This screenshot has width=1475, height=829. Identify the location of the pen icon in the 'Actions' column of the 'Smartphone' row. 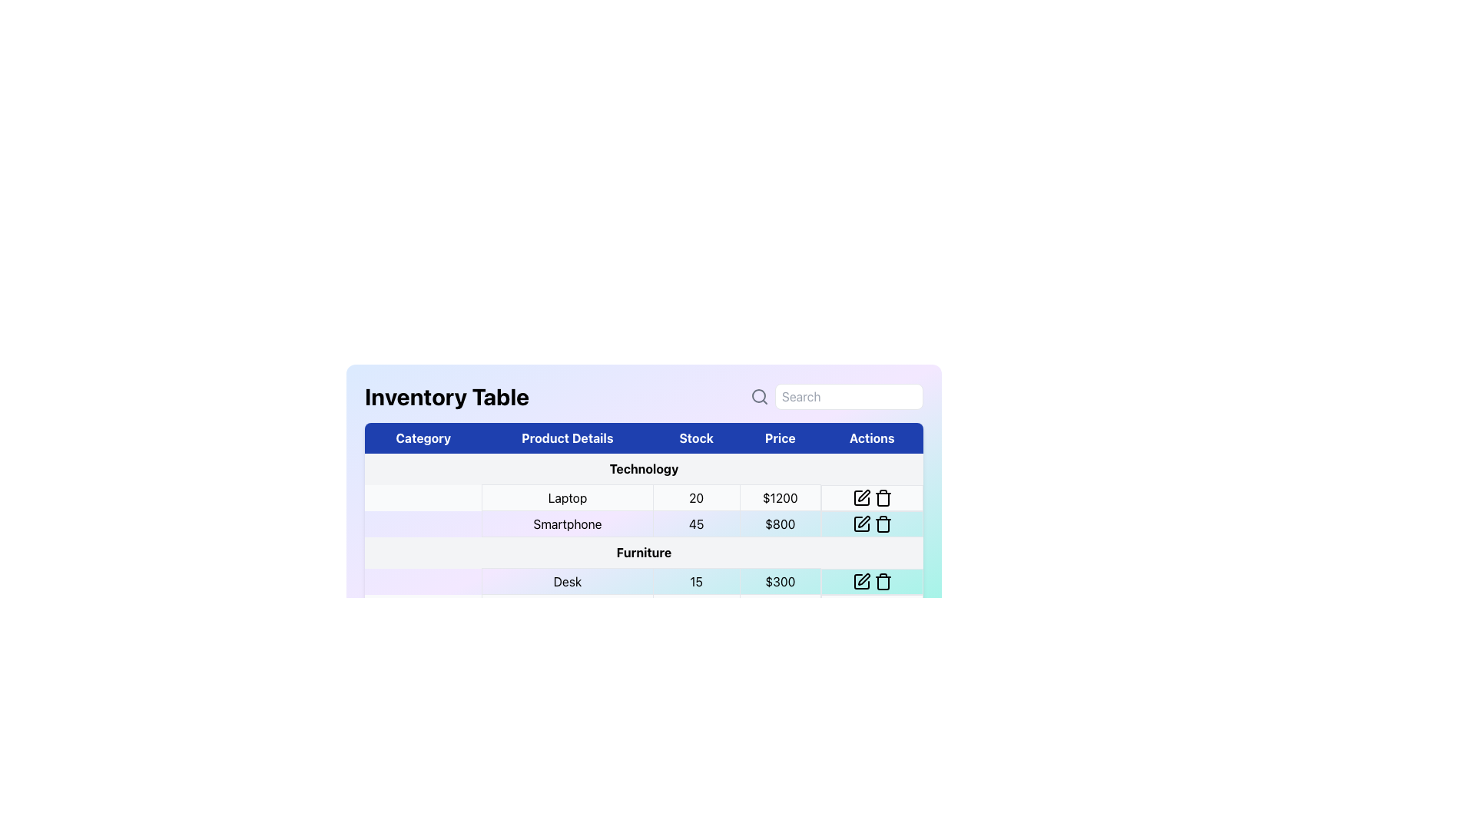
(863, 520).